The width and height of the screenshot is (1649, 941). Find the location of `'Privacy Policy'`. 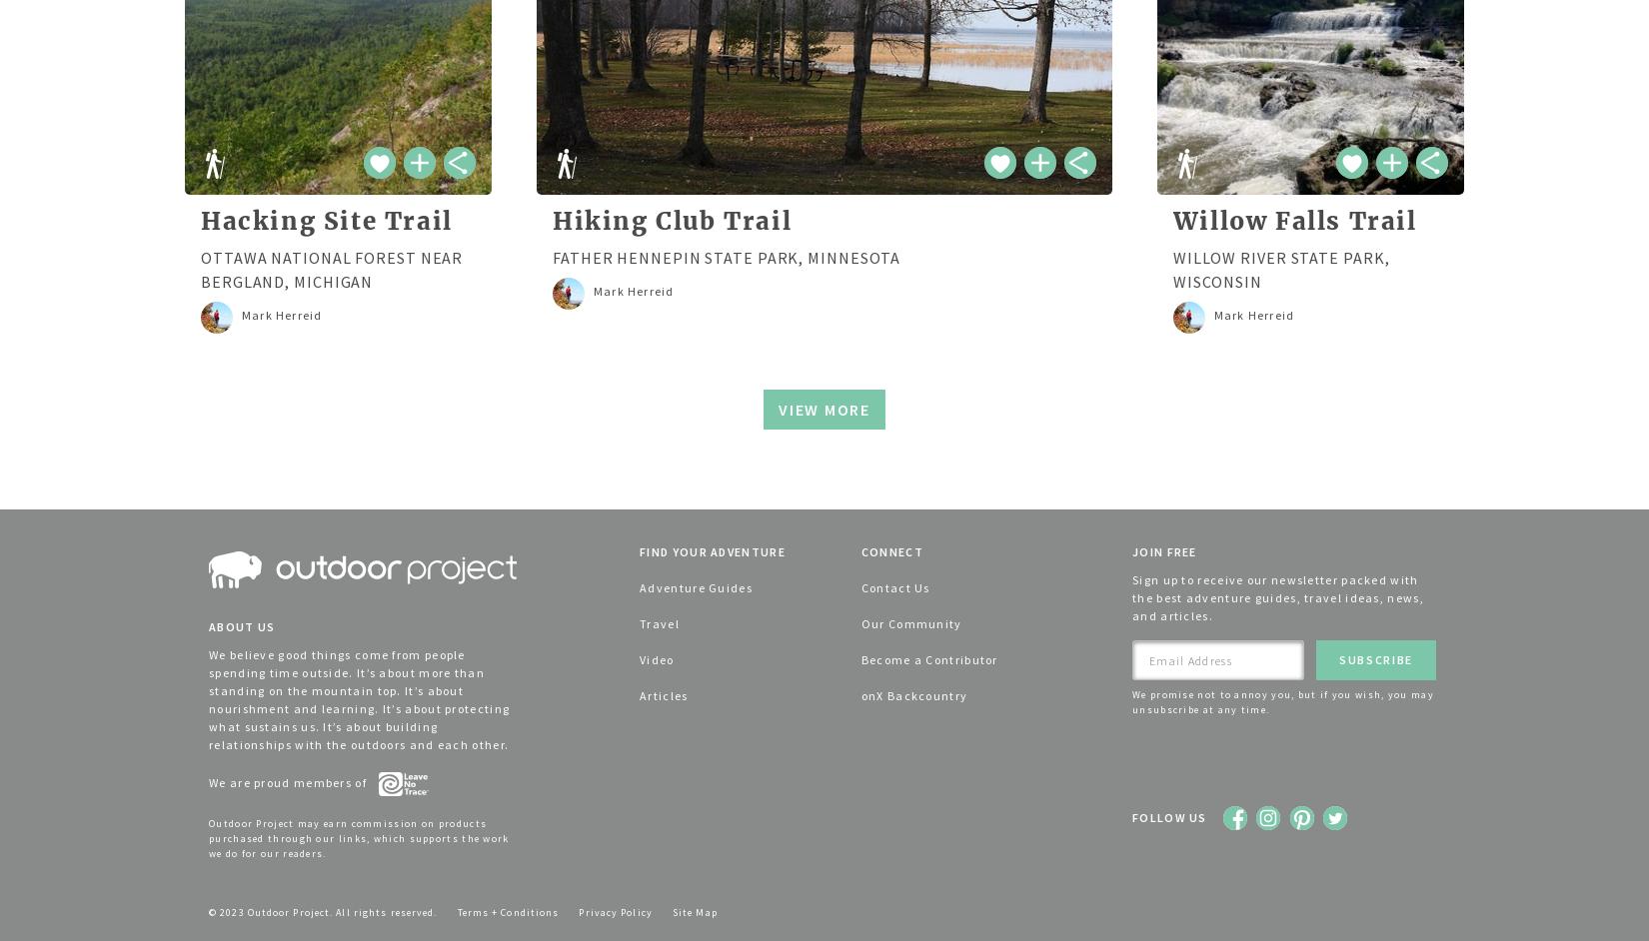

'Privacy Policy' is located at coordinates (614, 910).